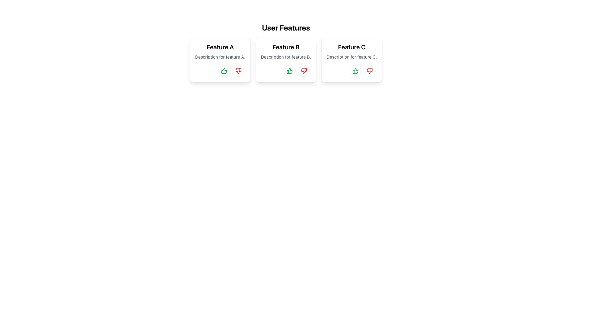  What do you see at coordinates (238, 71) in the screenshot?
I see `the circular button with a red thumbs-down icon located at the bottom of the card for 'Feature A'` at bounding box center [238, 71].